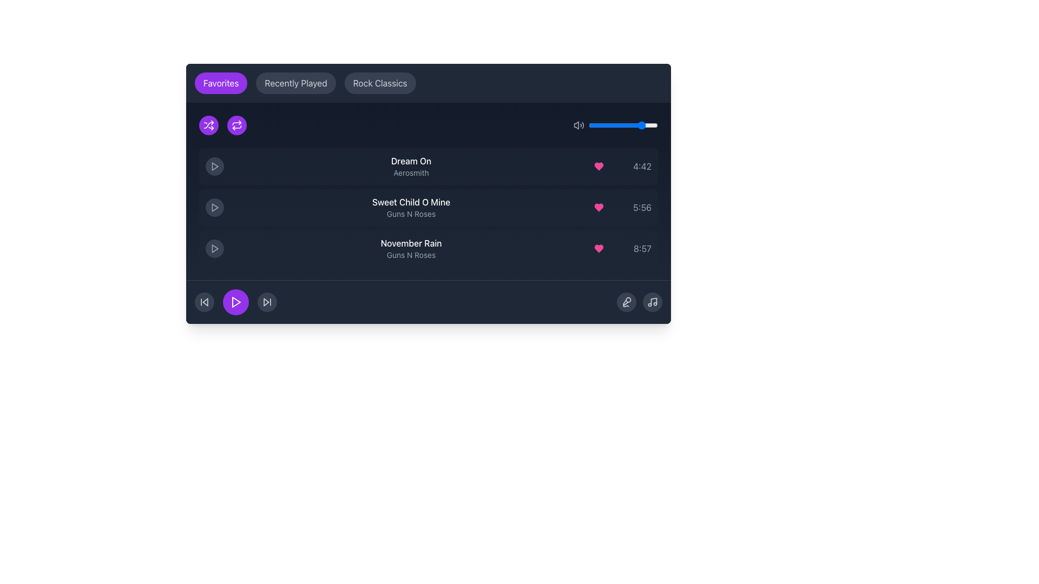  I want to click on the circular microphone button with a gray background, so click(626, 302).